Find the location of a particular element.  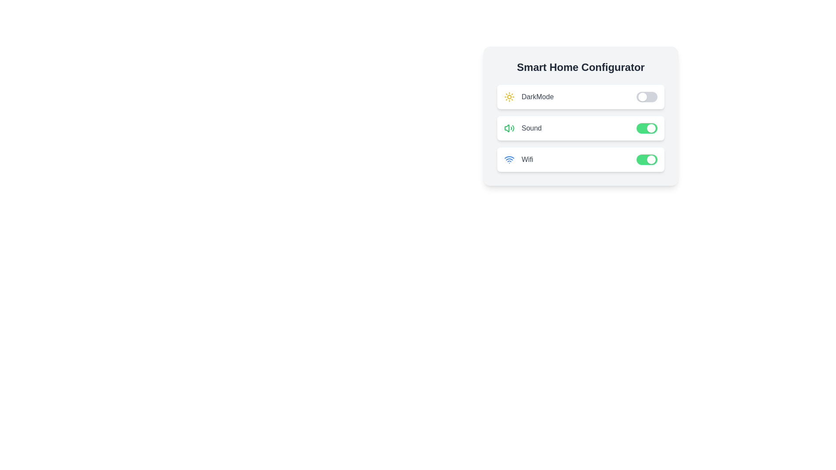

the 'darkMode' label with a yellow sun icon located within the 'Smart Home Configurator' card is located at coordinates (528, 97).